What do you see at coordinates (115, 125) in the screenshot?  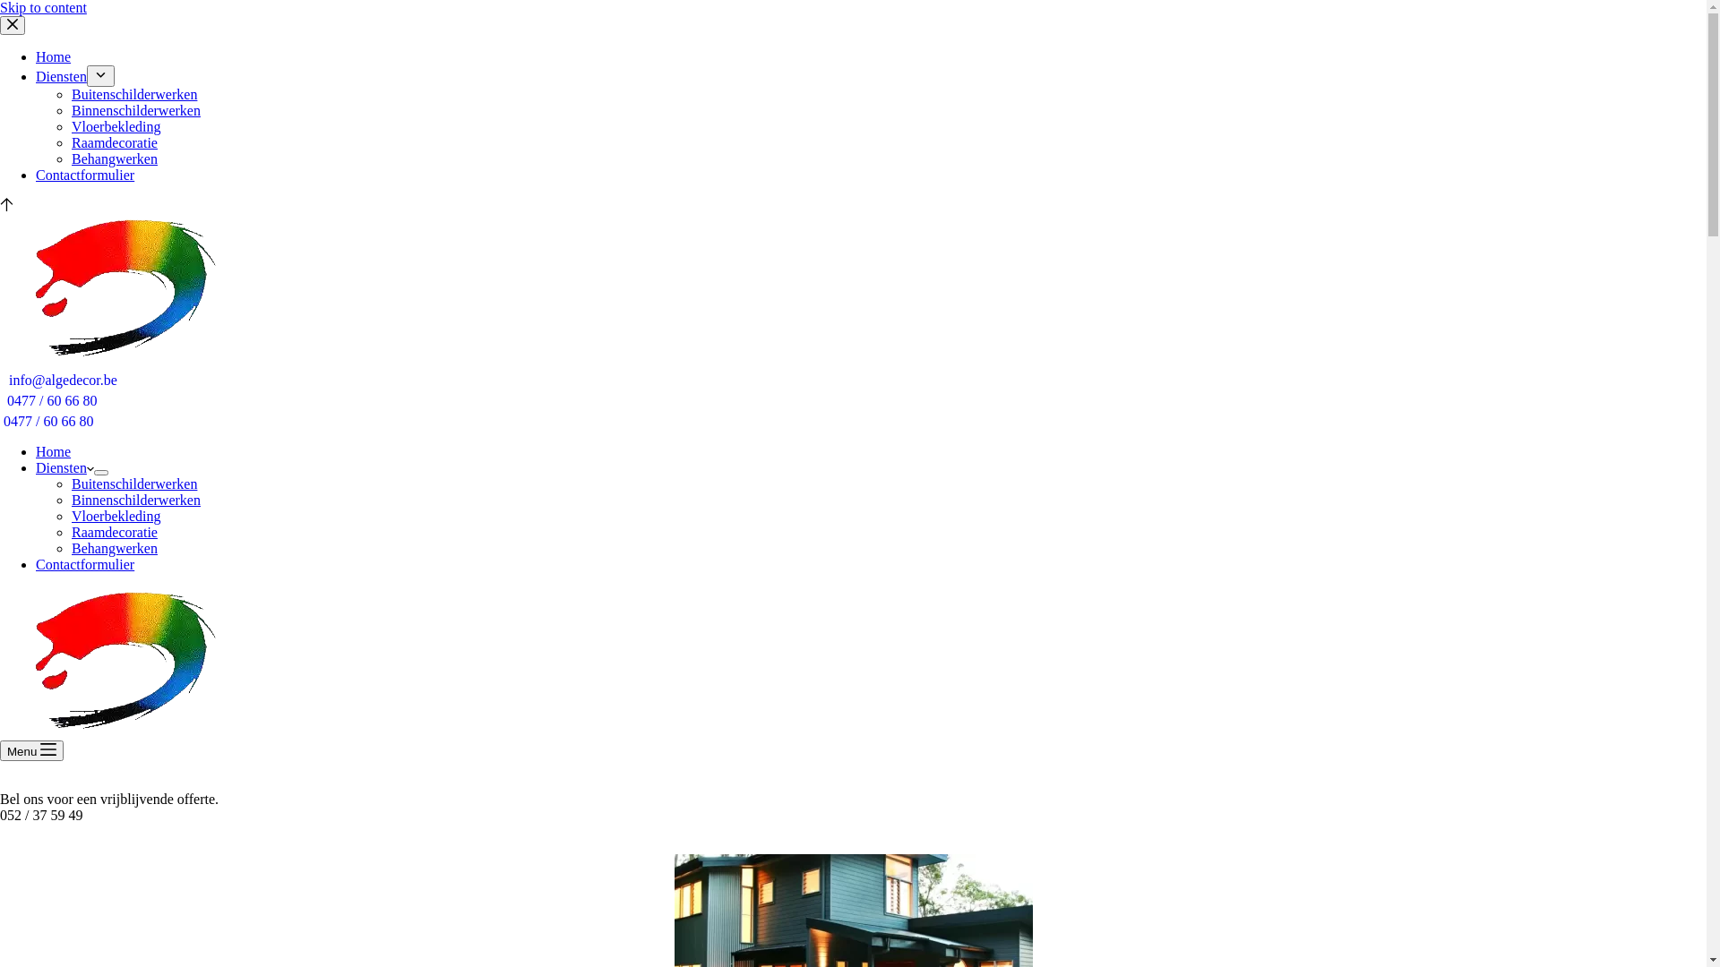 I see `'Vloerbekleding'` at bounding box center [115, 125].